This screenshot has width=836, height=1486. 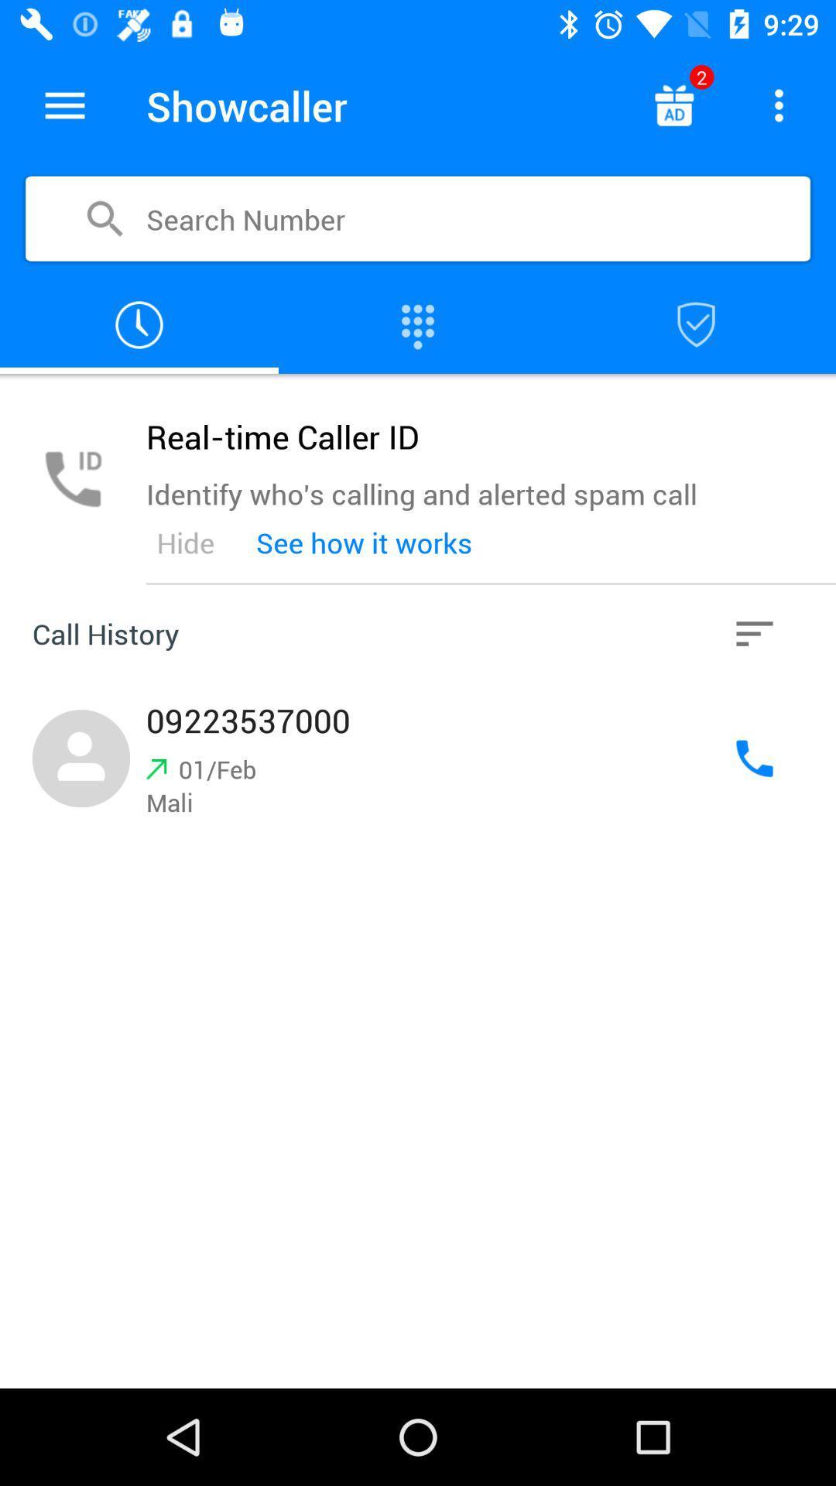 I want to click on advertisement, so click(x=673, y=104).